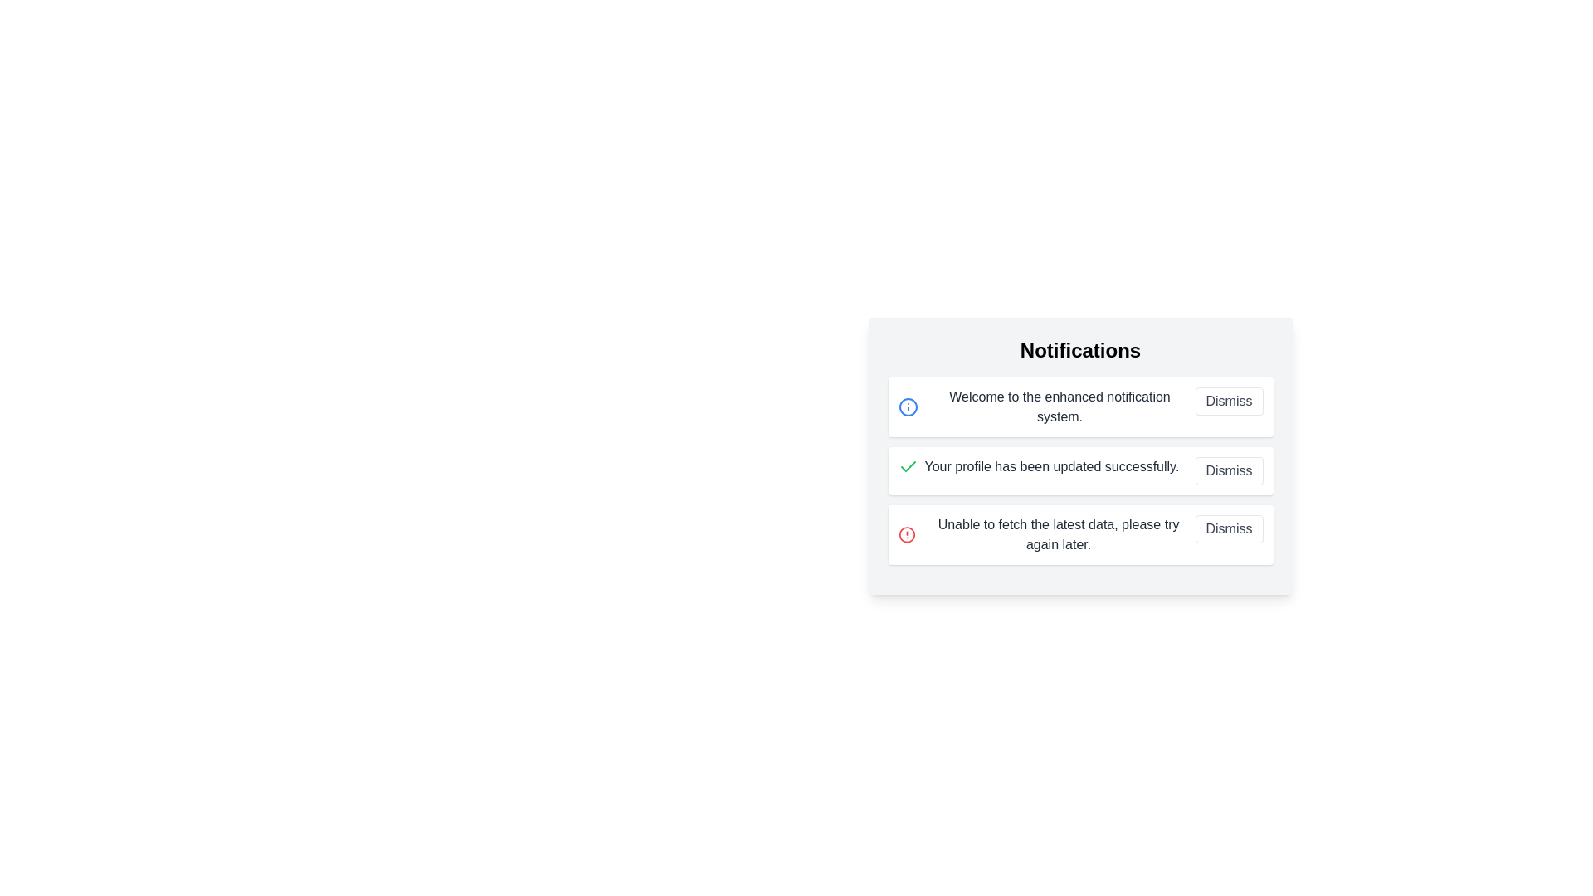 The height and width of the screenshot is (896, 1593). Describe the element at coordinates (1059, 407) in the screenshot. I see `the static text located in the top notification row, which is situated to the right of the blue 'info' icon and left of the 'Dismiss' button` at that location.